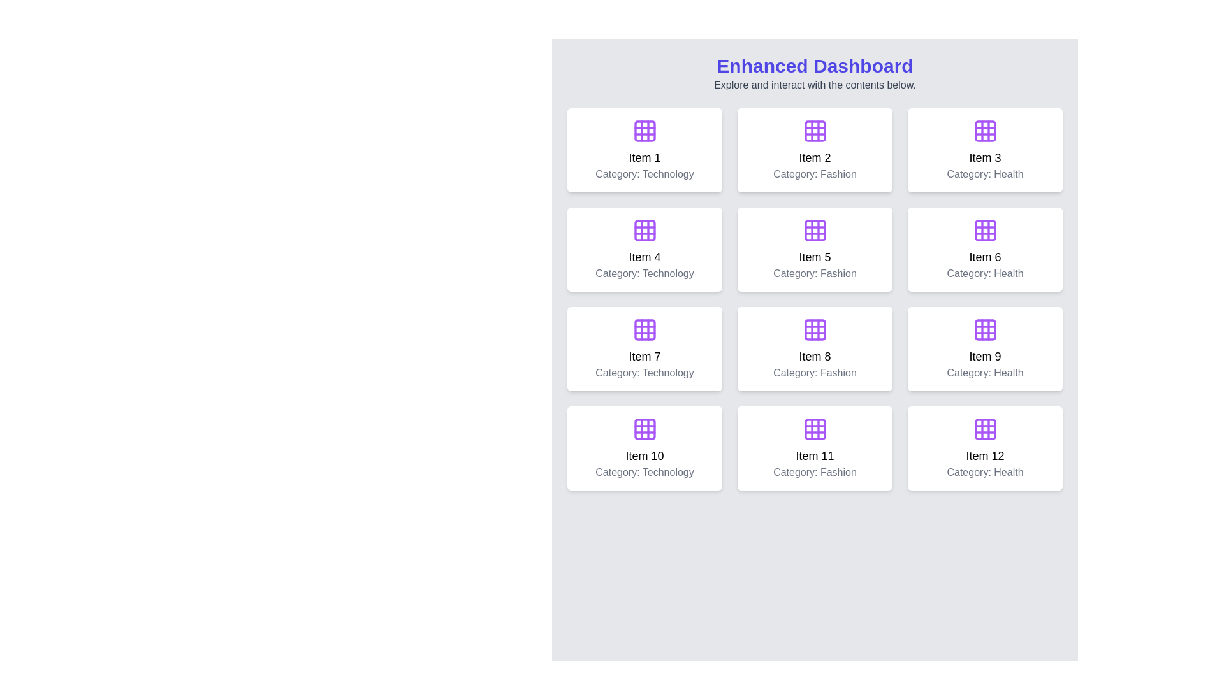 Image resolution: width=1224 pixels, height=688 pixels. What do you see at coordinates (645, 157) in the screenshot?
I see `the Label element displaying the text 'Item 1', which is positioned beneath a grid icon and above the text 'Category: Technology'` at bounding box center [645, 157].